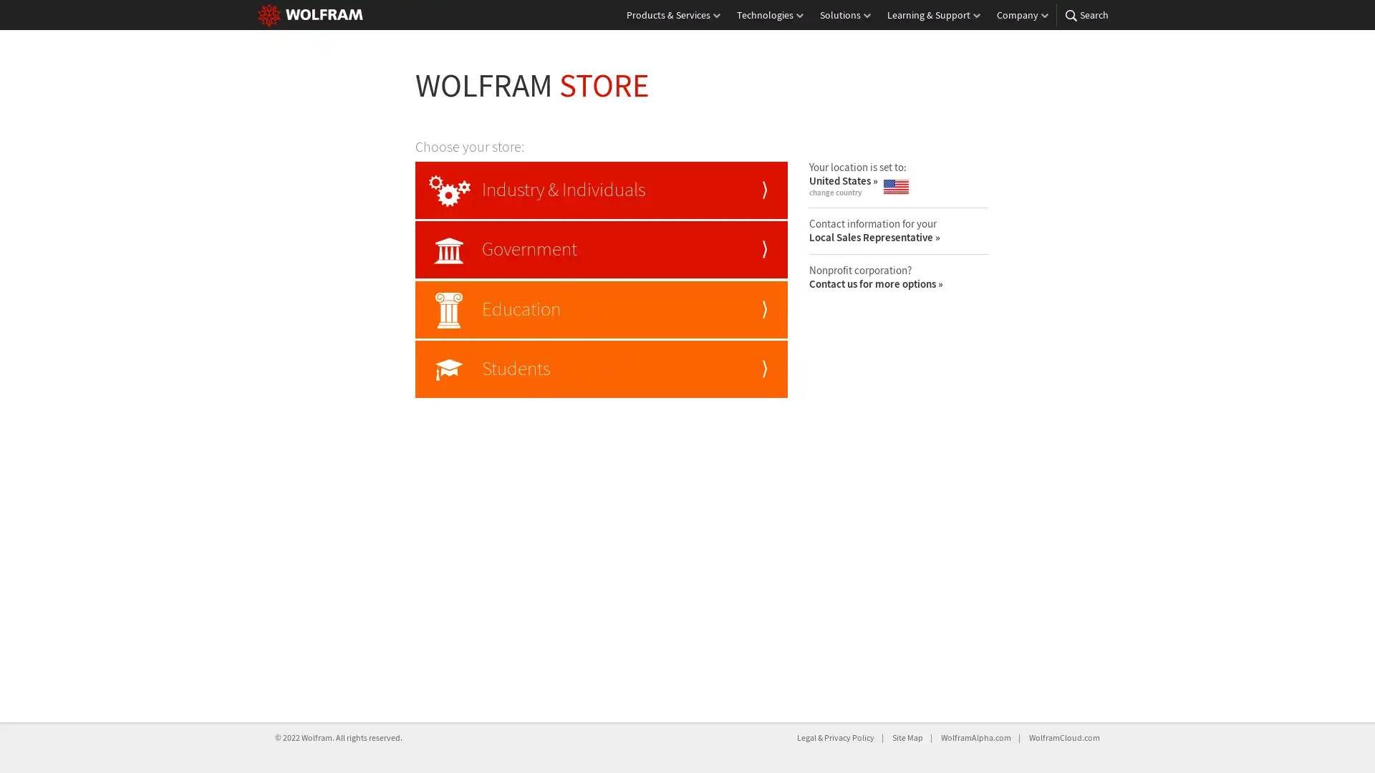 This screenshot has width=1375, height=773. What do you see at coordinates (602, 308) in the screenshot?
I see `Education` at bounding box center [602, 308].